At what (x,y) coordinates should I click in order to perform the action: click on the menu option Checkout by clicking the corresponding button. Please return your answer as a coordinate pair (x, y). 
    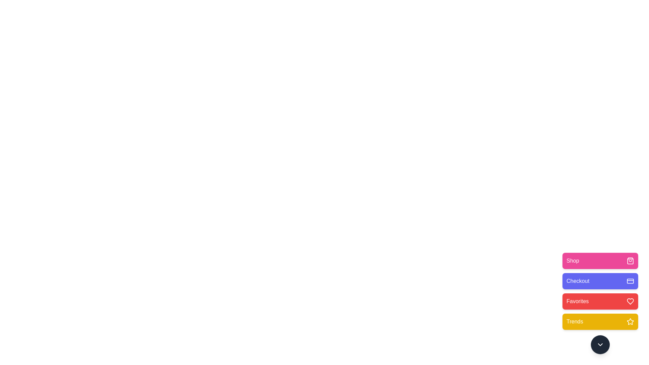
    Looking at the image, I should click on (600, 281).